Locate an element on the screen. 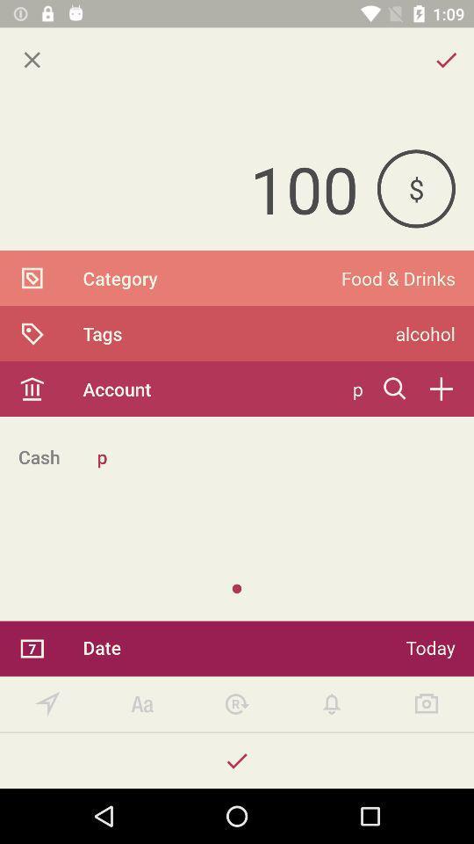 Image resolution: width=474 pixels, height=844 pixels. location is located at coordinates (47, 704).